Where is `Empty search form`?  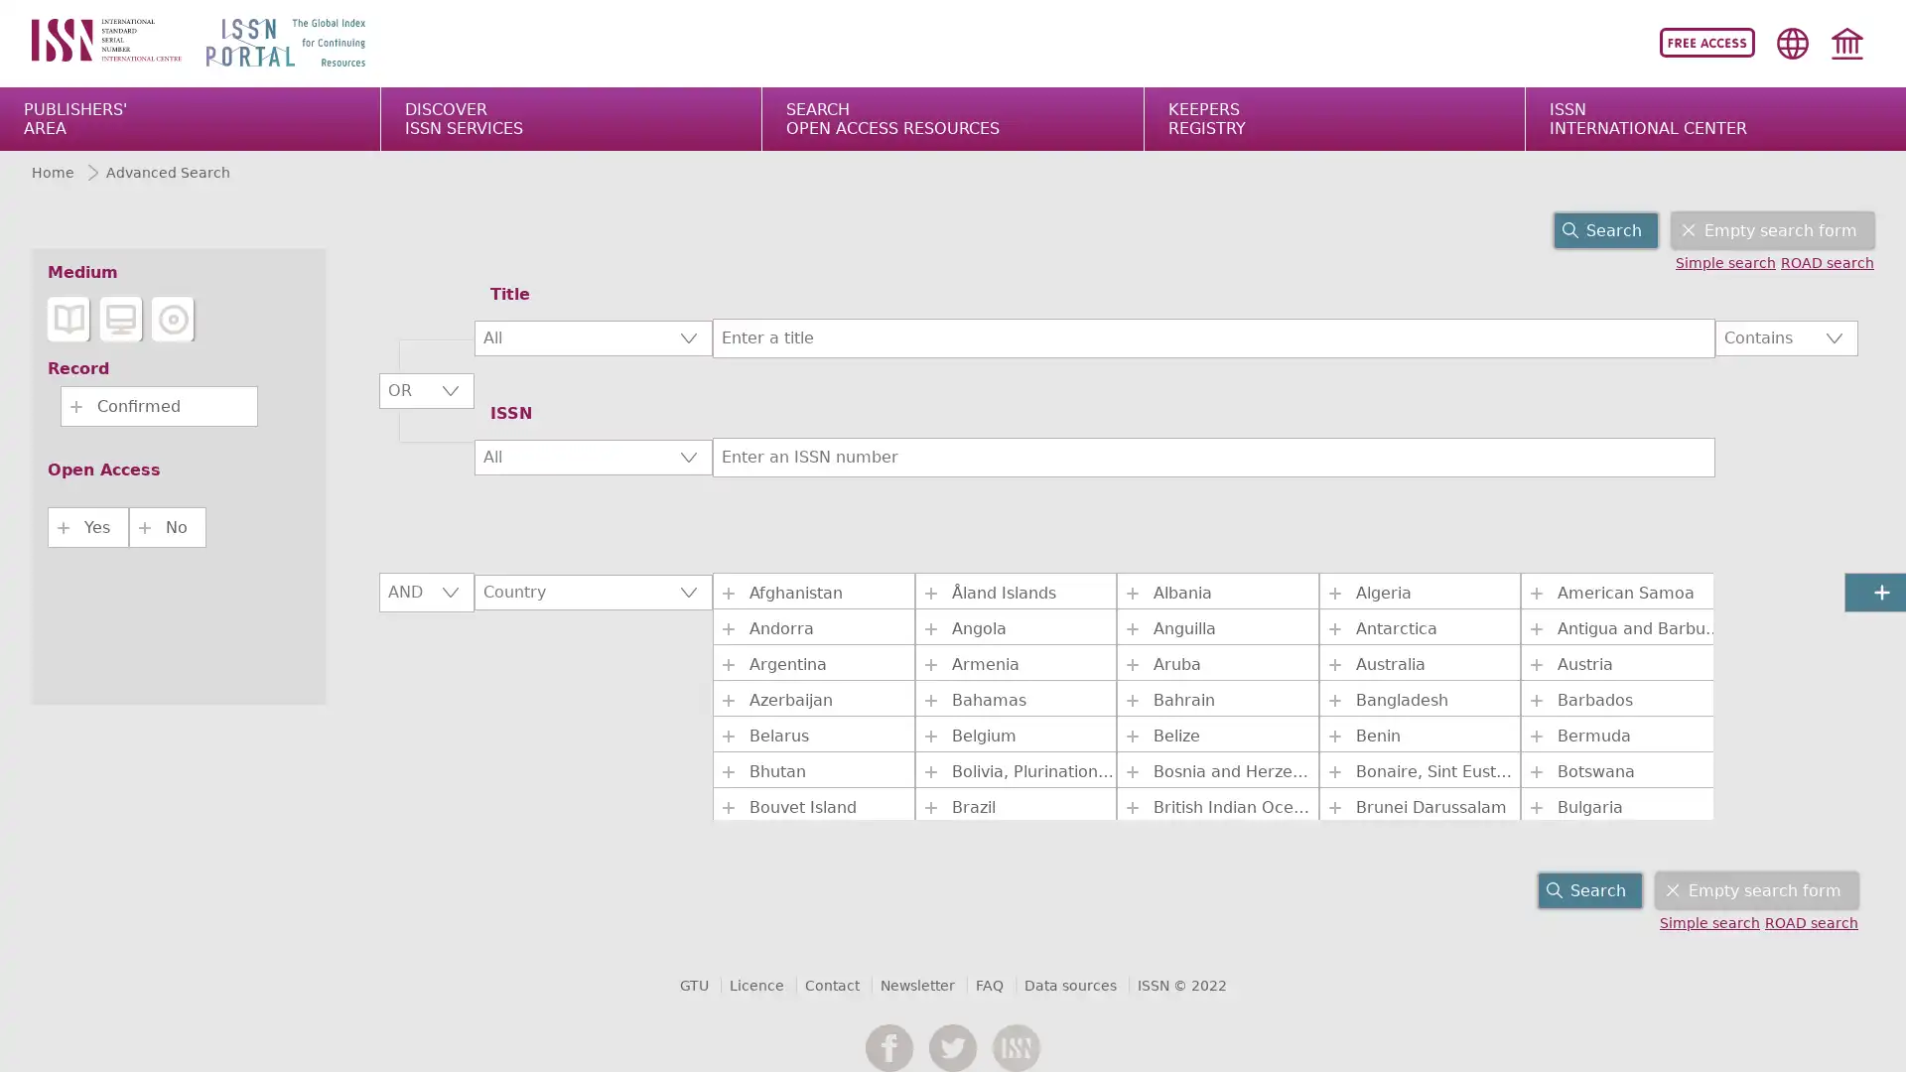 Empty search form is located at coordinates (1757, 888).